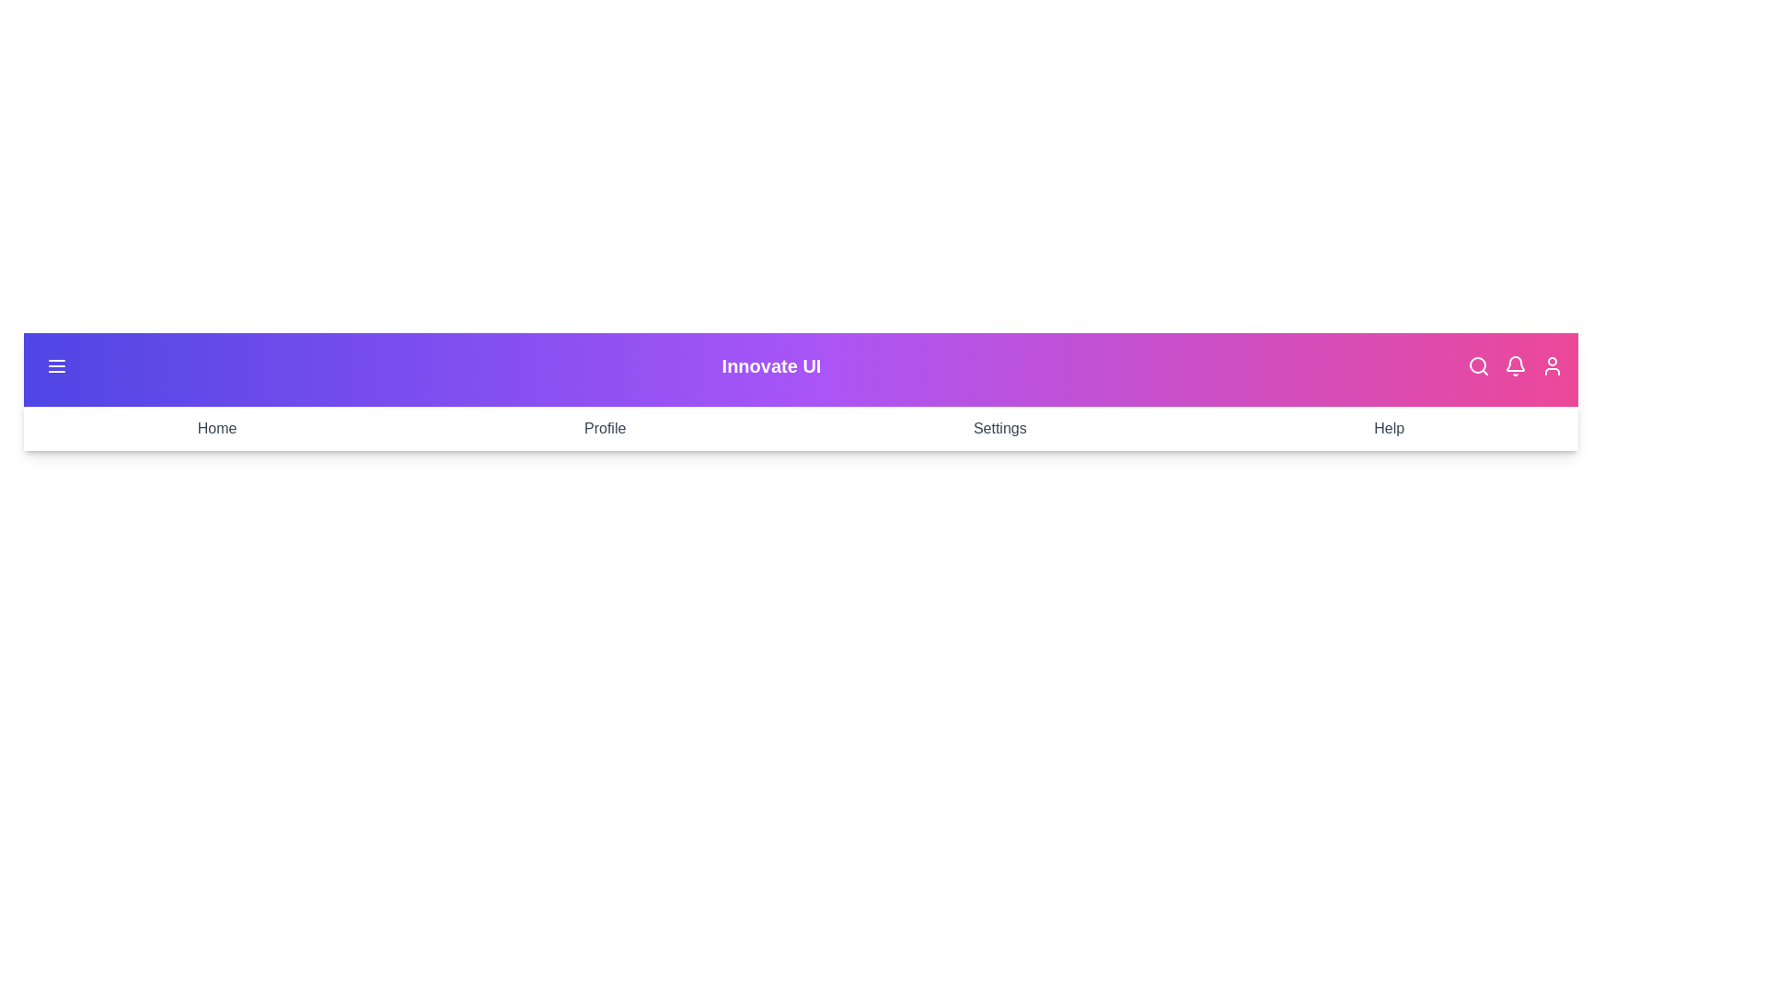  What do you see at coordinates (605, 429) in the screenshot?
I see `the menu item labeled Profile to navigate to the corresponding section` at bounding box center [605, 429].